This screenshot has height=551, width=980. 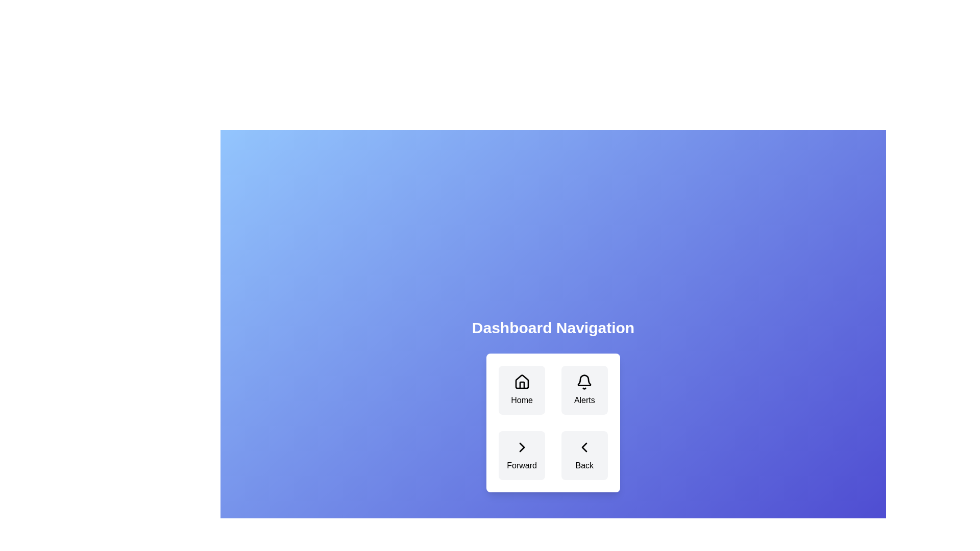 What do you see at coordinates (522, 390) in the screenshot?
I see `the navigation button located in the top-left position of the 2x2 grid within the white panel to redirect to the Home section of the application` at bounding box center [522, 390].